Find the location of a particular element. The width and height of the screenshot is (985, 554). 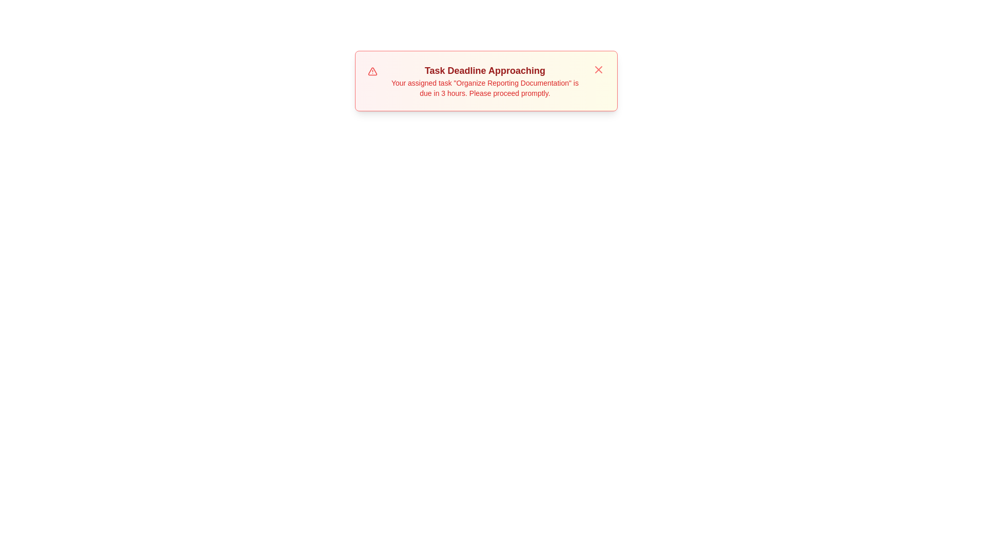

text element that informs the user about the task's deadline and urgency, located below the header 'Task Deadline Approaching' in the notification box is located at coordinates (484, 88).